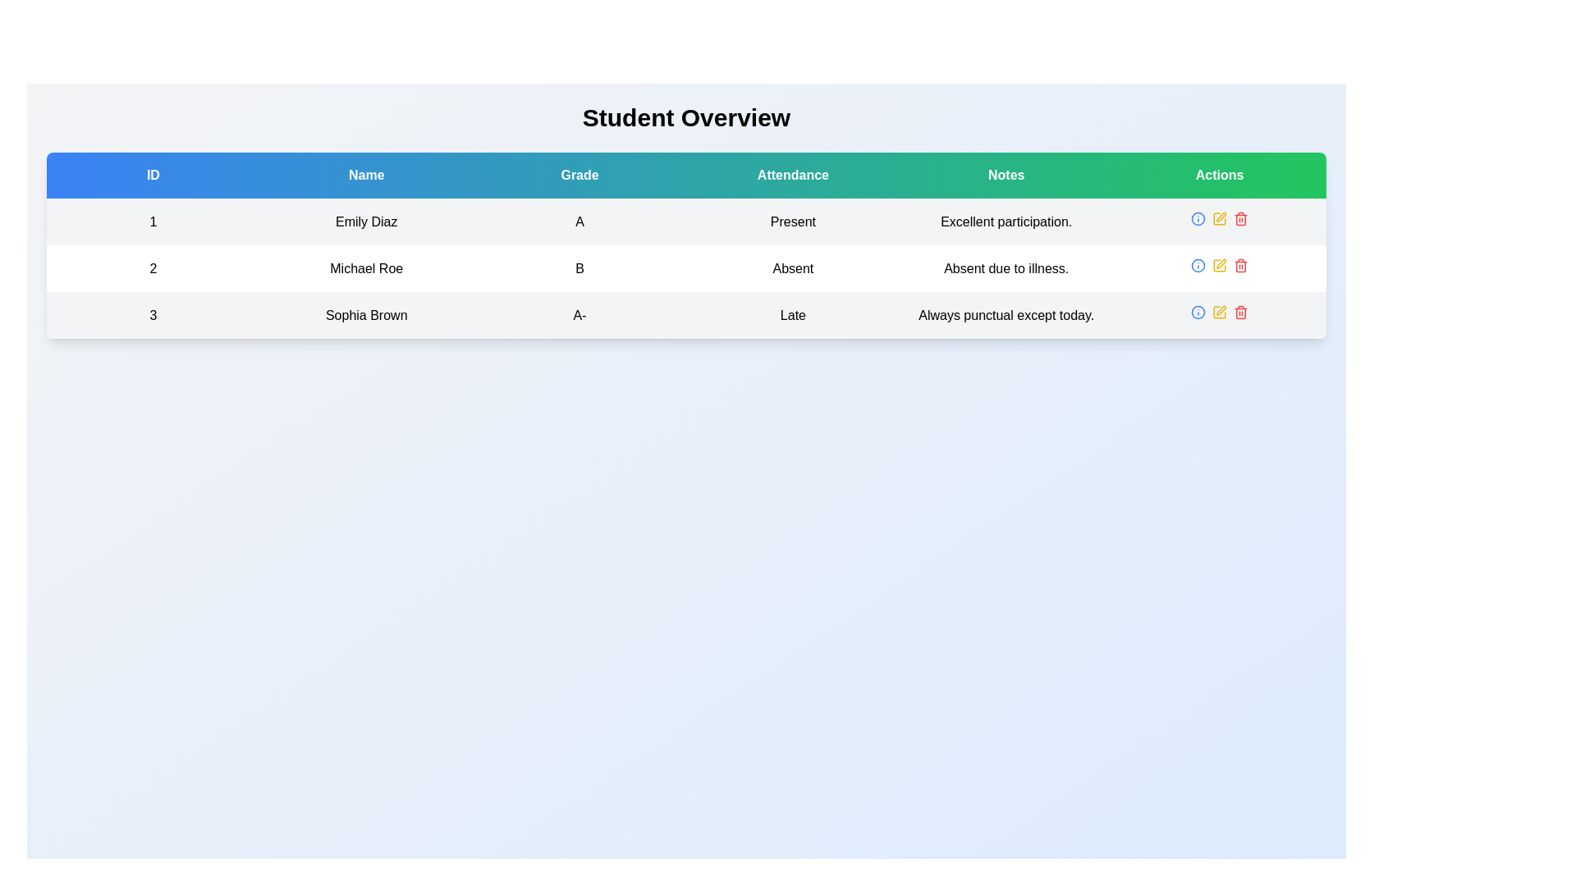 This screenshot has width=1576, height=886. I want to click on the trash bin icon representing the delete action for the row associated with 'Michael Roe' in the 'Actions' column of the table, so click(1241, 266).